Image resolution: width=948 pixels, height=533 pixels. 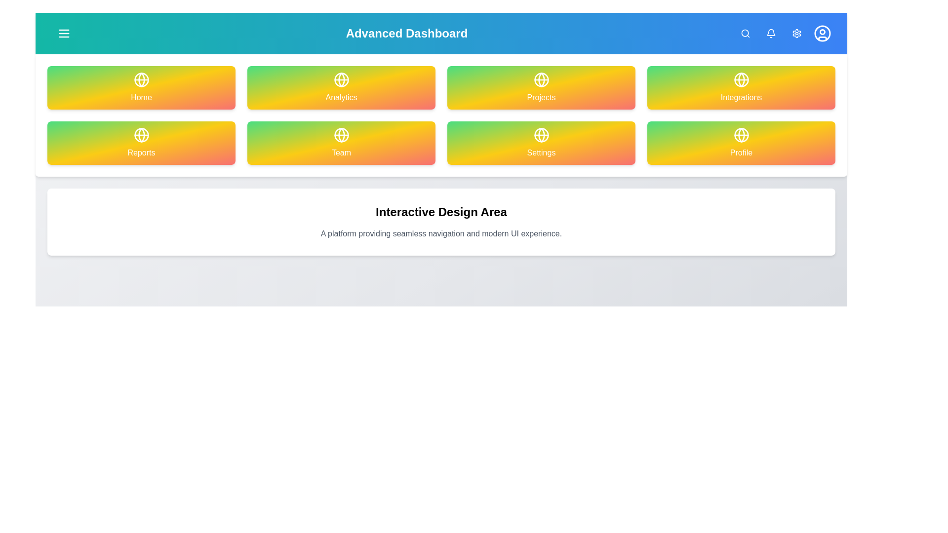 What do you see at coordinates (741, 87) in the screenshot?
I see `the navigation item labeled Integrations` at bounding box center [741, 87].